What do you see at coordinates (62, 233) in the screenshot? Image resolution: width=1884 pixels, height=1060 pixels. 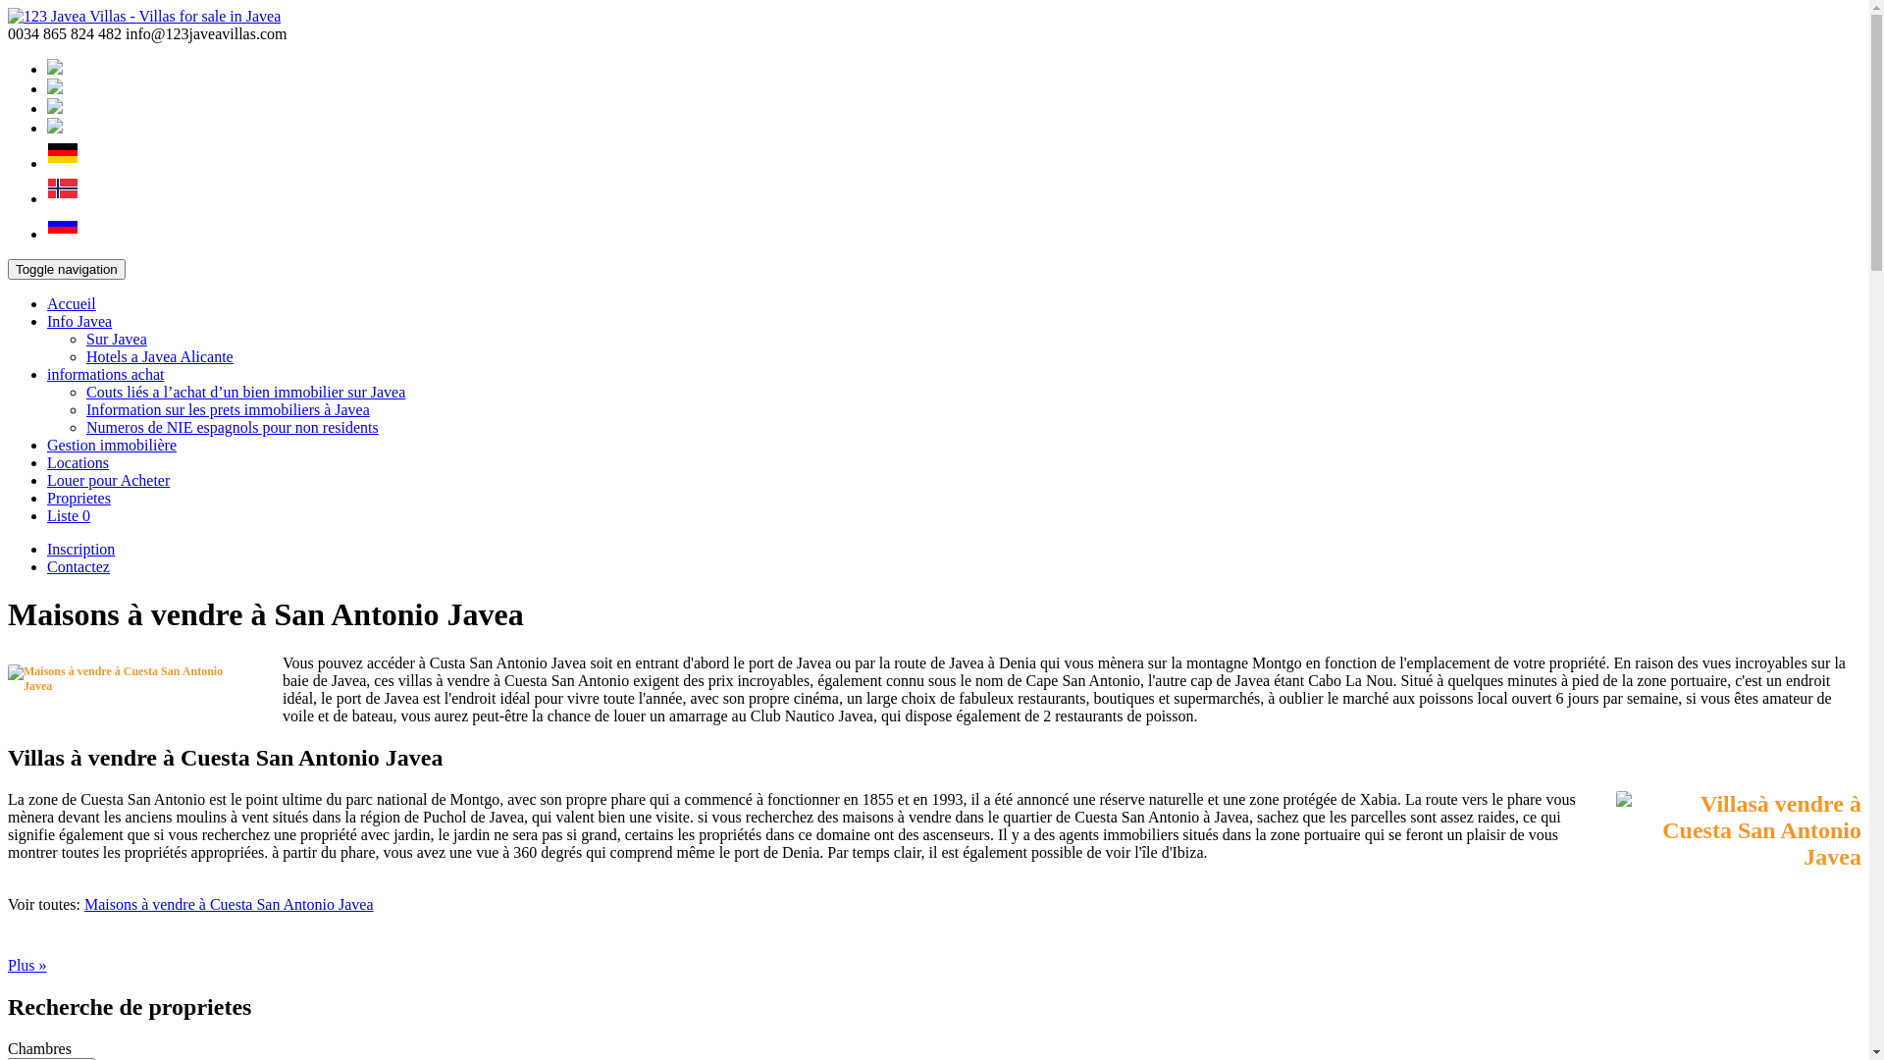 I see `'Russian'` at bounding box center [62, 233].